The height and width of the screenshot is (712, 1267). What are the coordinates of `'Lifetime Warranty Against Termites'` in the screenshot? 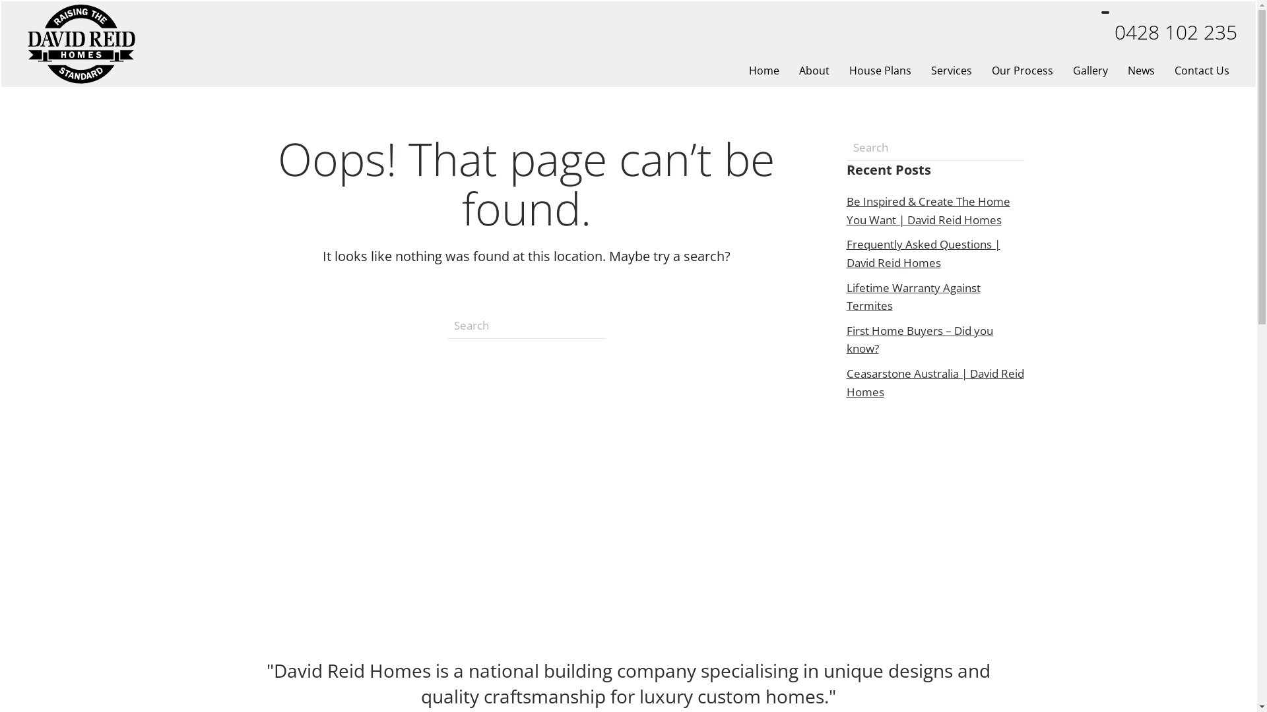 It's located at (912, 295).